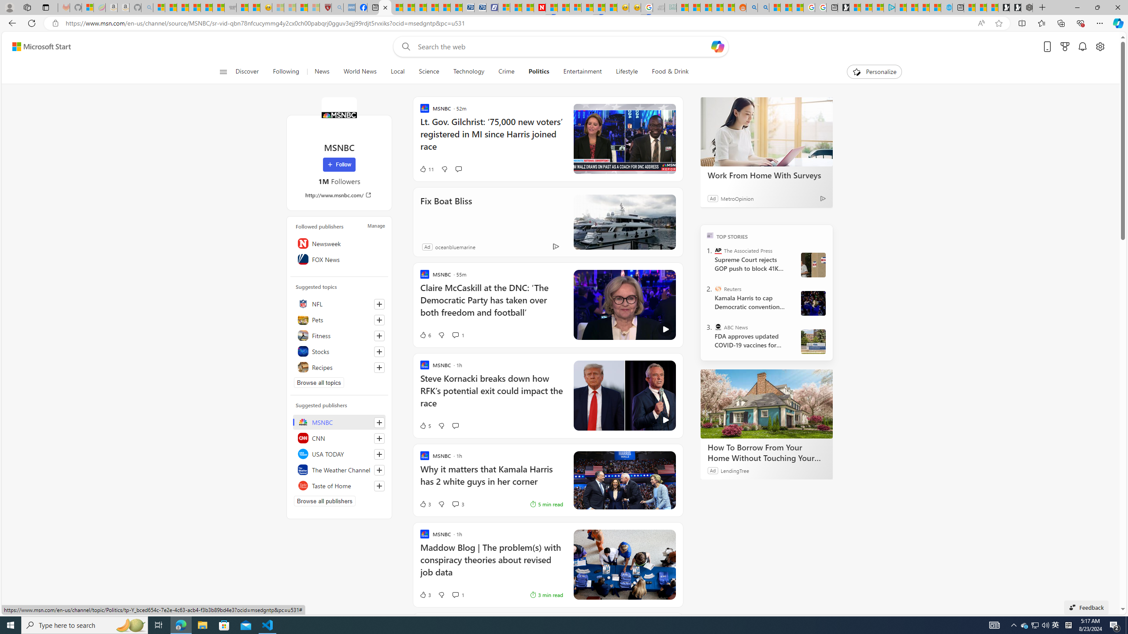  I want to click on 'Fix Boat Bliss', so click(623, 221).